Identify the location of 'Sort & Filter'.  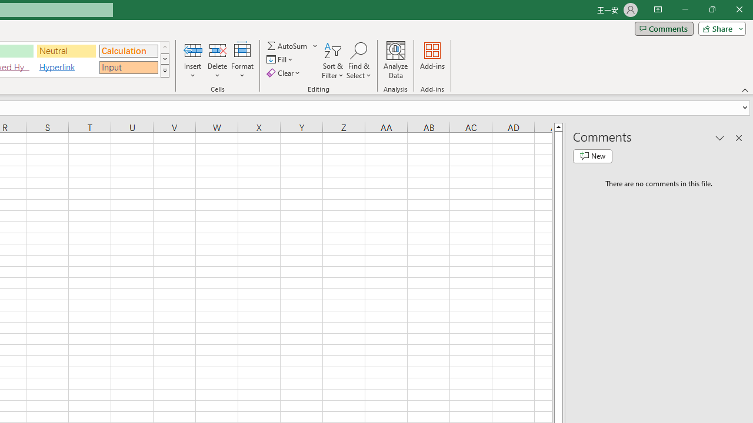
(332, 61).